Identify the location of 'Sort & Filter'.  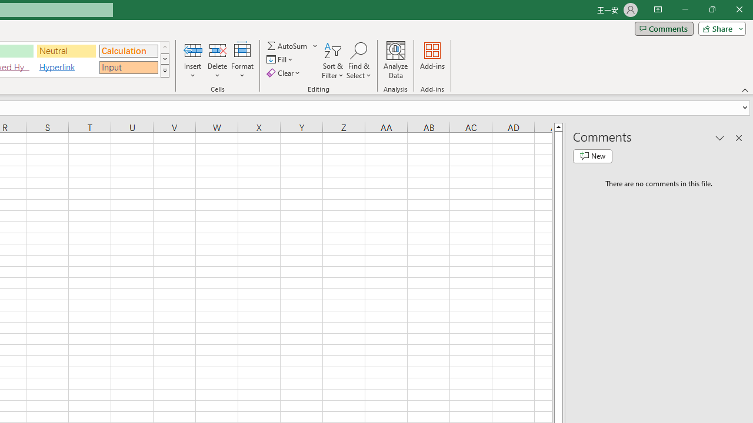
(332, 61).